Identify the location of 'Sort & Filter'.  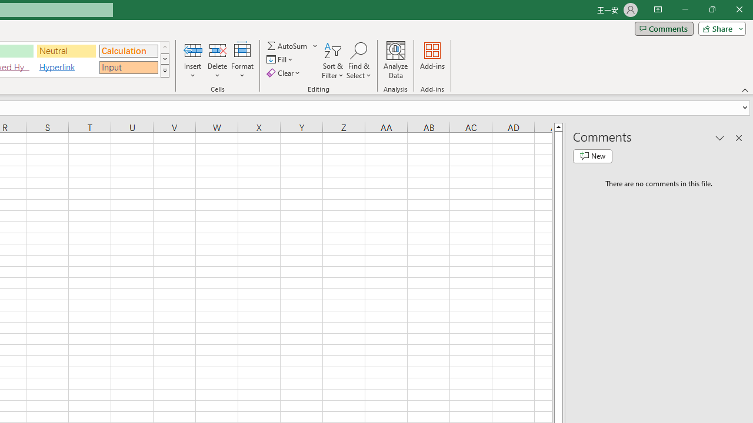
(332, 61).